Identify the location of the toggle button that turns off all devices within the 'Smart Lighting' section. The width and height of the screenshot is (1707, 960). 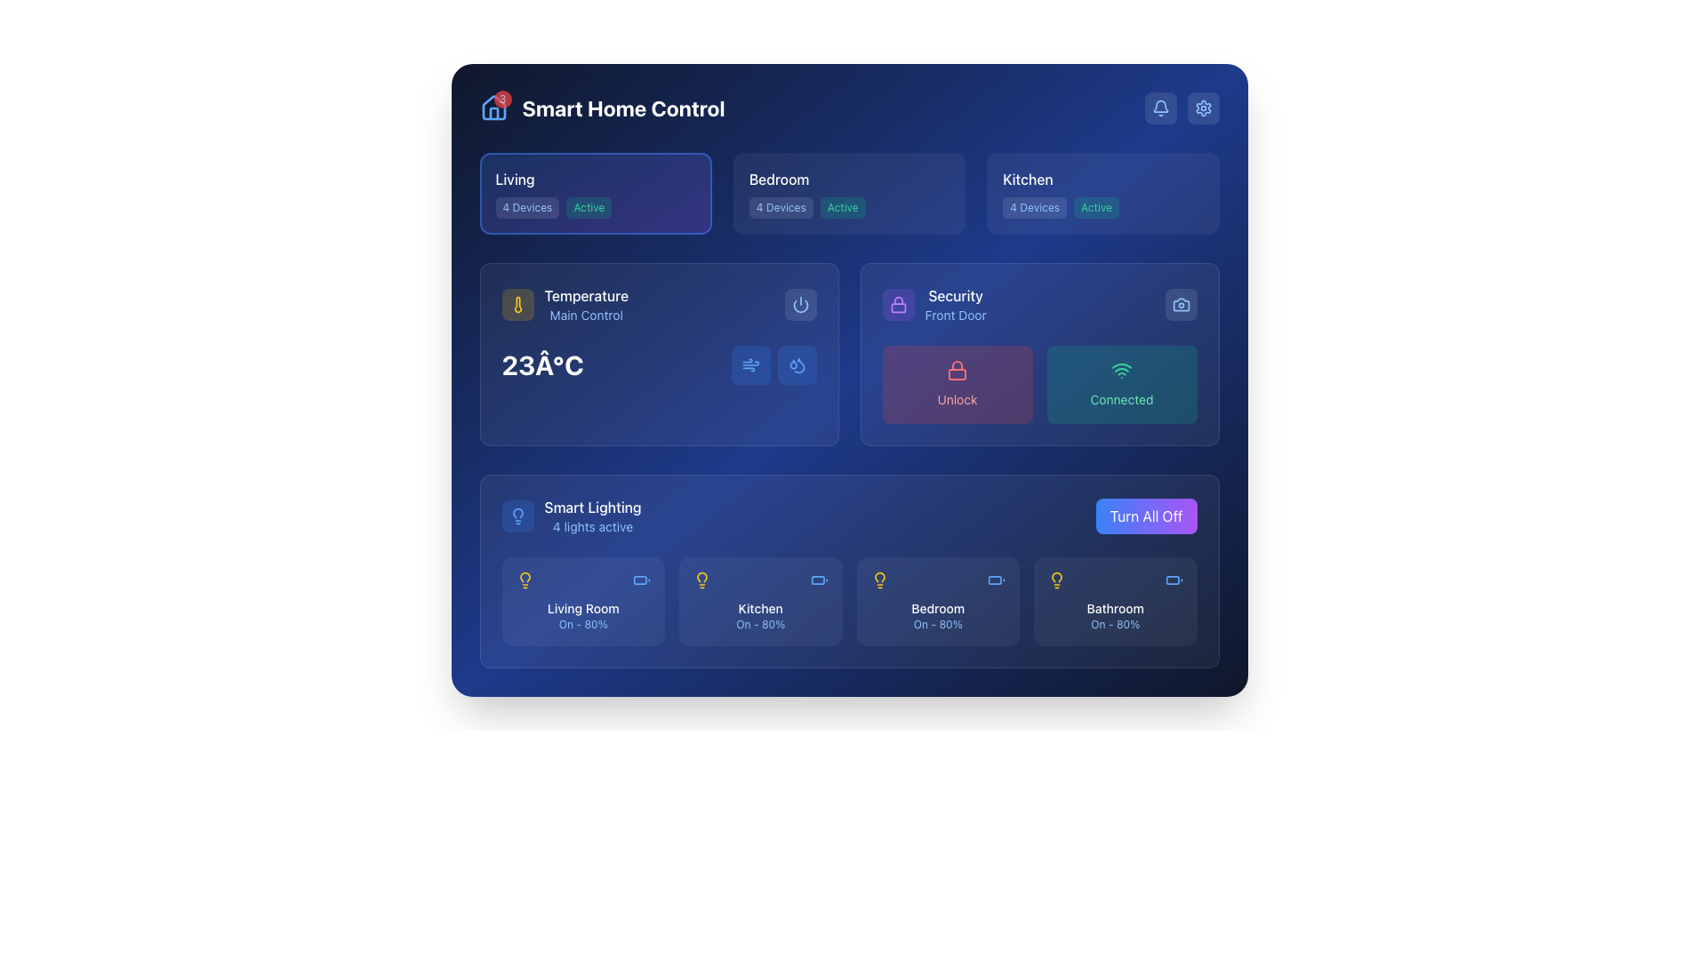
(1146, 516).